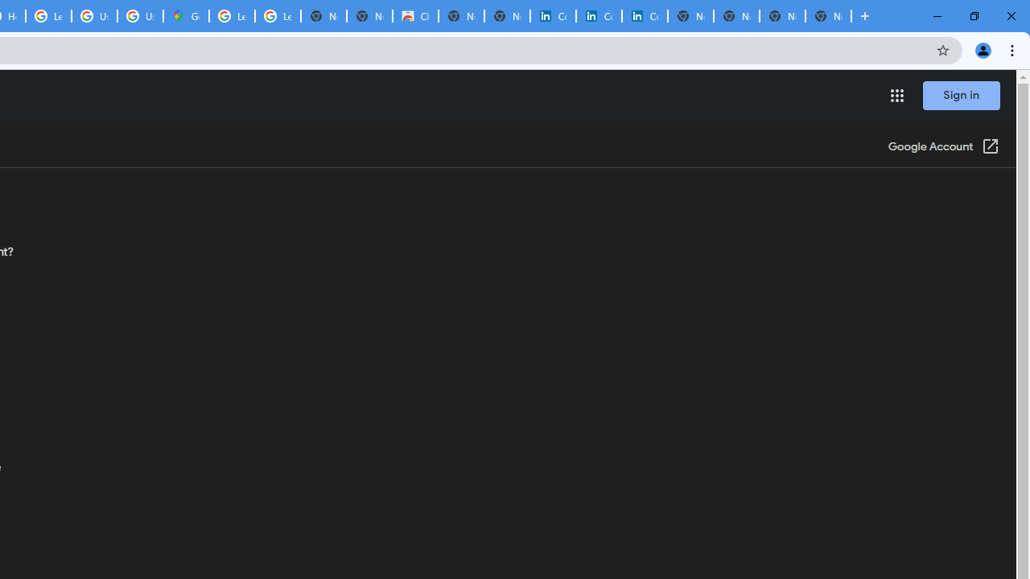  I want to click on 'Chrome Web Store', so click(415, 16).